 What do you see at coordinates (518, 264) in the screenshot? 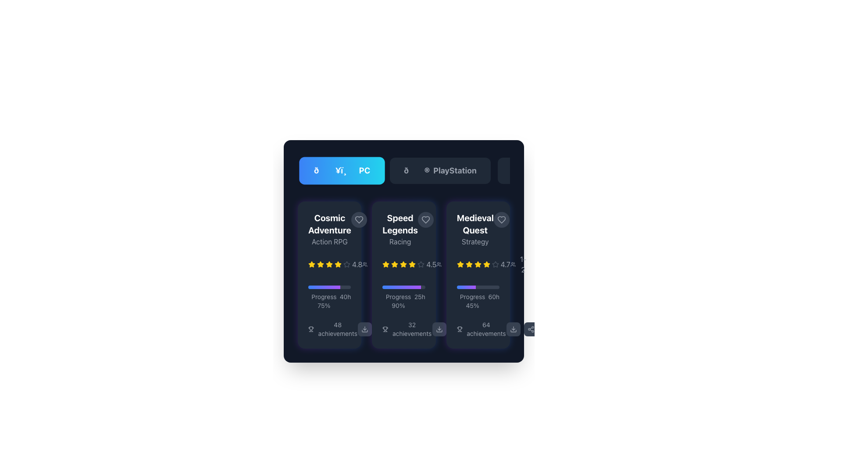
I see `the text label and icon in the top-right corner of the 'Medieval Quest' card, which indicates user or group count` at bounding box center [518, 264].